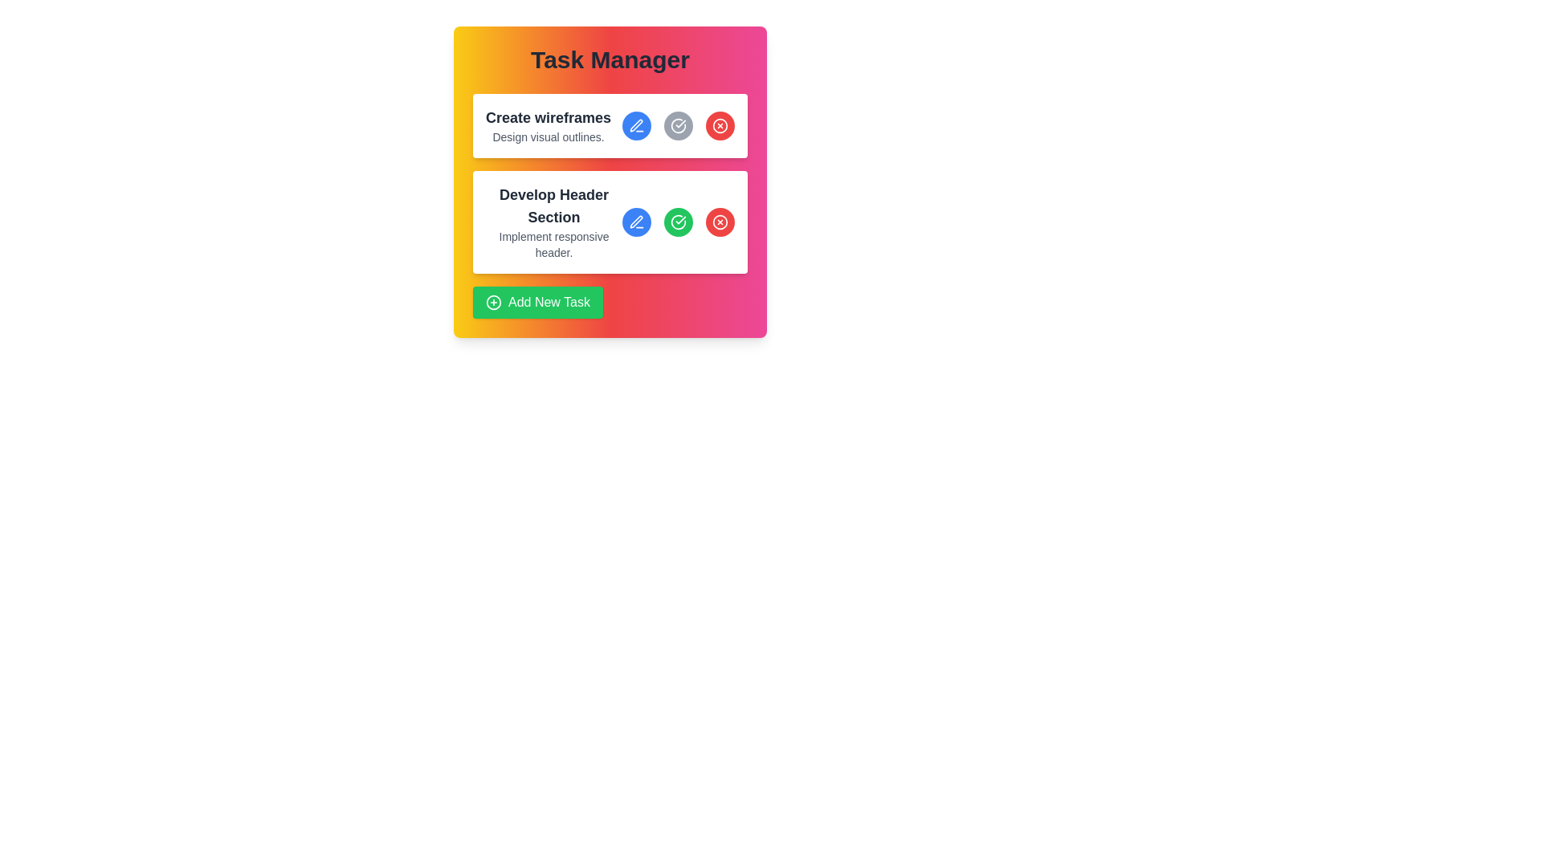 Image resolution: width=1542 pixels, height=867 pixels. I want to click on the middle circular button with a green background and a white checkmark icon at the bottom-right of the task card titled 'Develop Header Section' to confirm or complete, so click(678, 222).